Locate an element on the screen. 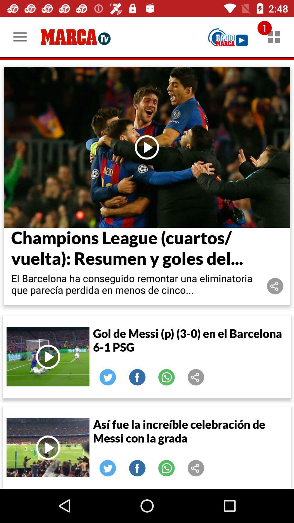 This screenshot has width=294, height=523. twitter is located at coordinates (108, 468).